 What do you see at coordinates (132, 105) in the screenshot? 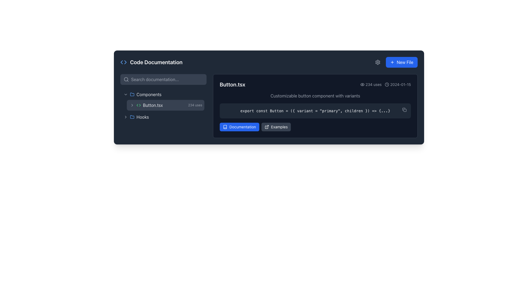
I see `the small, right-facing arrow button located in the sidebar under the 'Components' label, positioned before the 'Button.tsx' text to trigger the background color change` at bounding box center [132, 105].